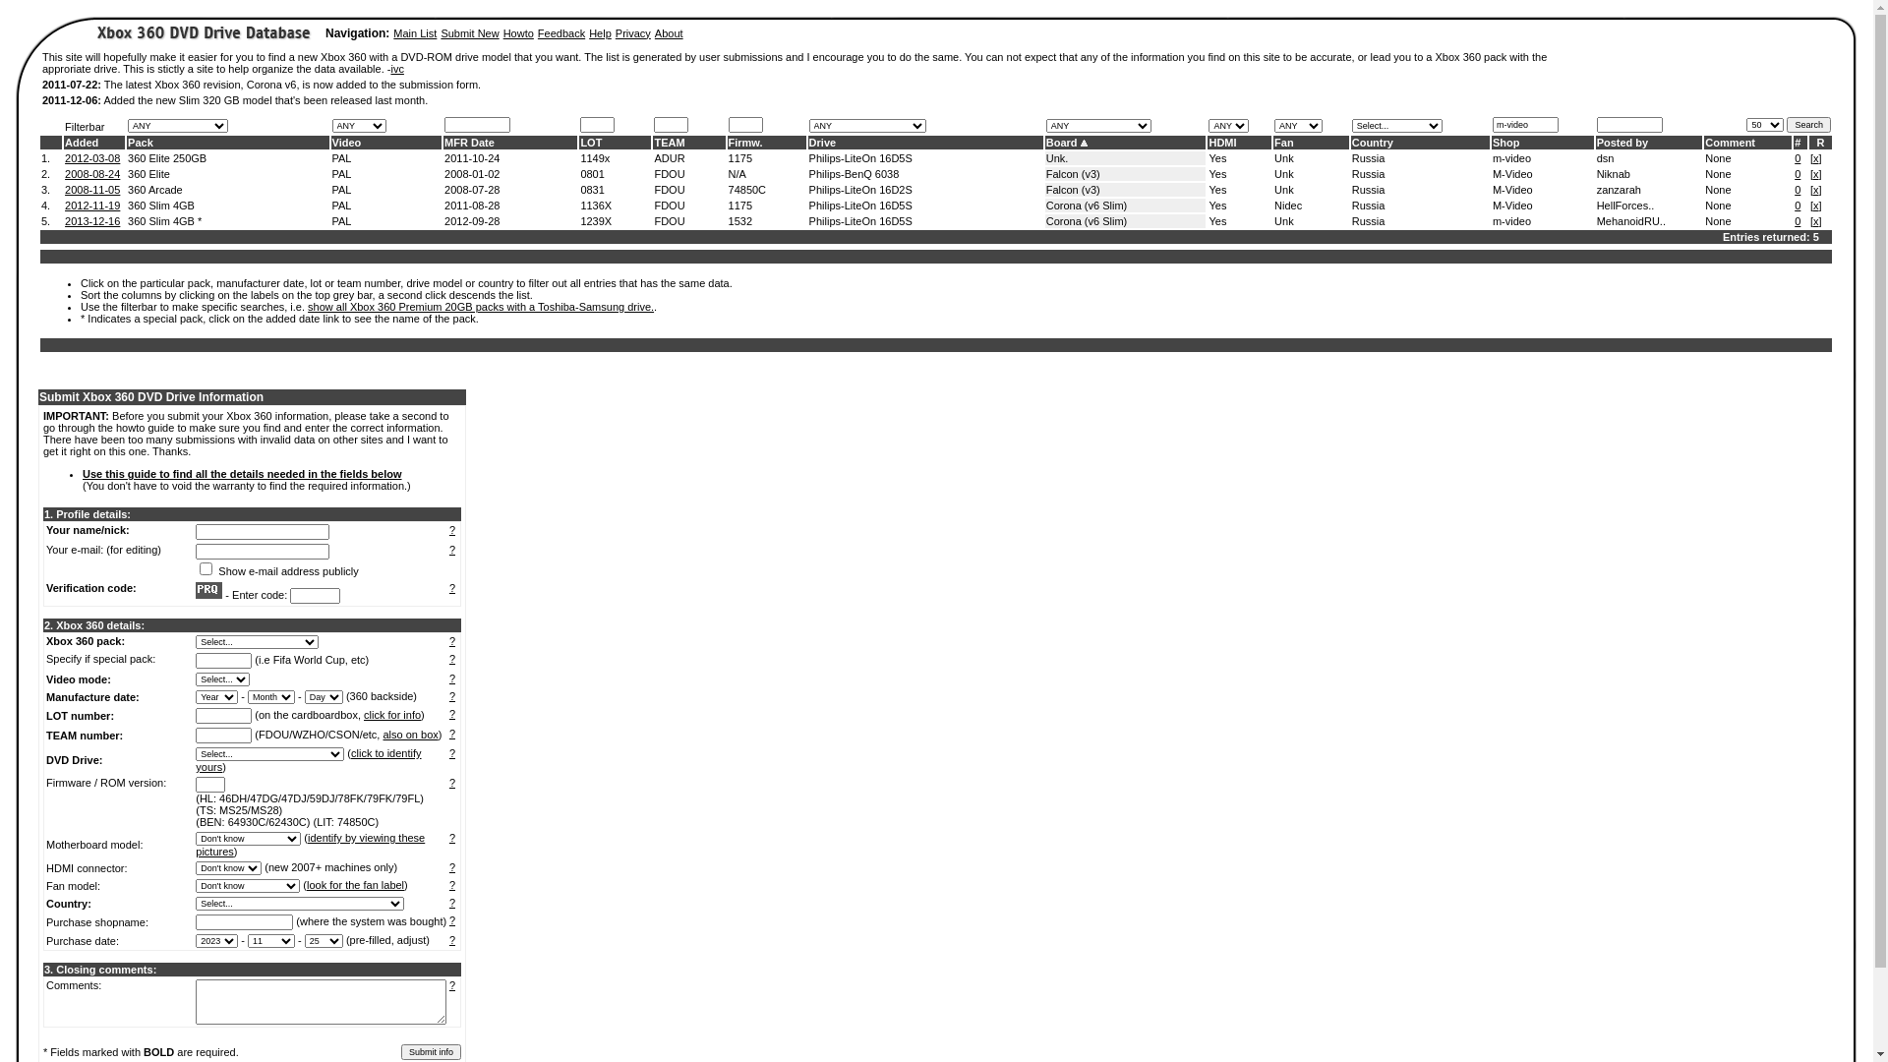  What do you see at coordinates (442, 205) in the screenshot?
I see `'2011-08-28'` at bounding box center [442, 205].